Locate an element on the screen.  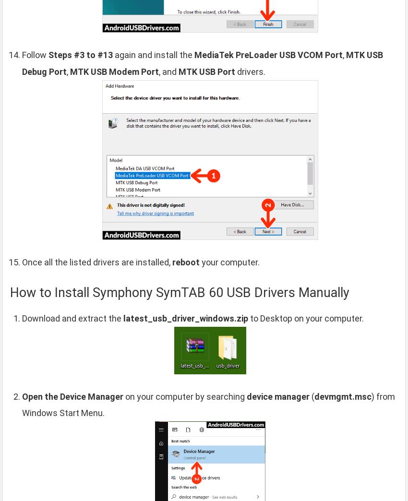
'MTK USB Debug Port' is located at coordinates (203, 62).